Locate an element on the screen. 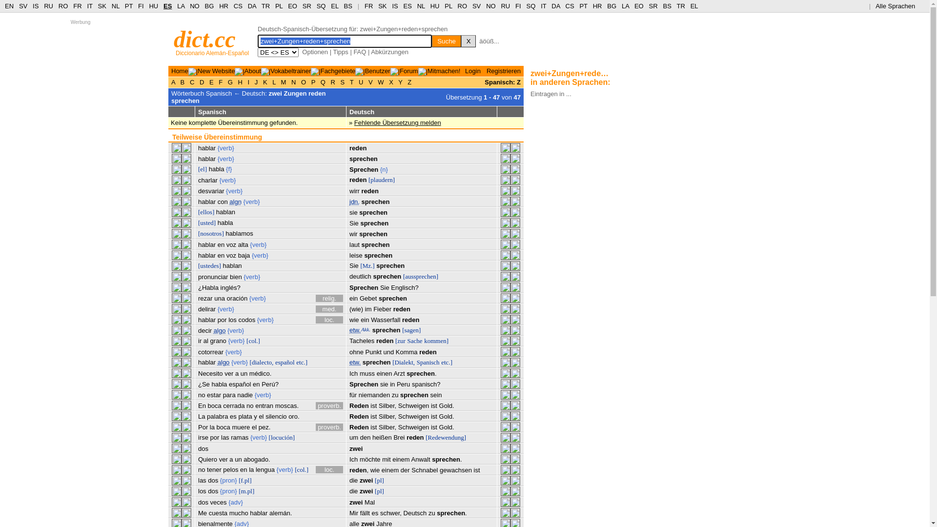 The width and height of the screenshot is (937, 527). 'About' is located at coordinates (253, 70).